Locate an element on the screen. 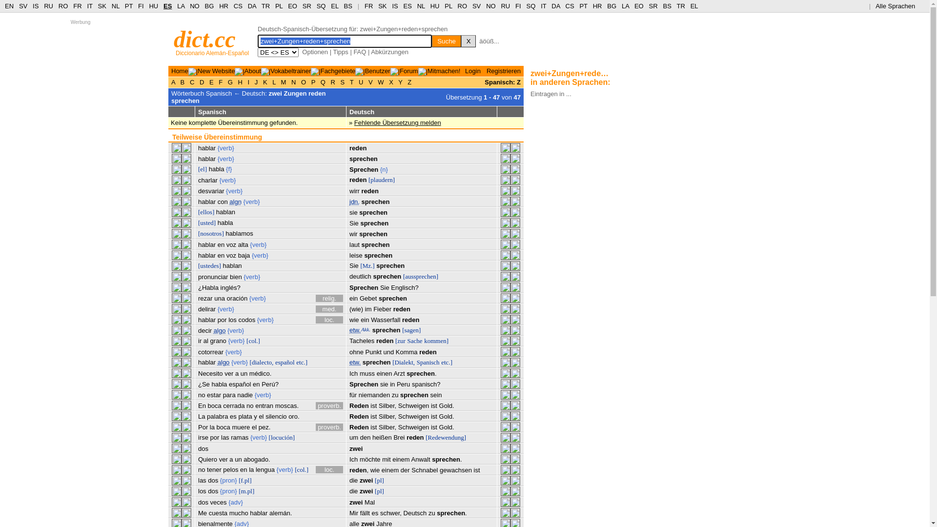 The width and height of the screenshot is (937, 527). 'About' is located at coordinates (253, 70).